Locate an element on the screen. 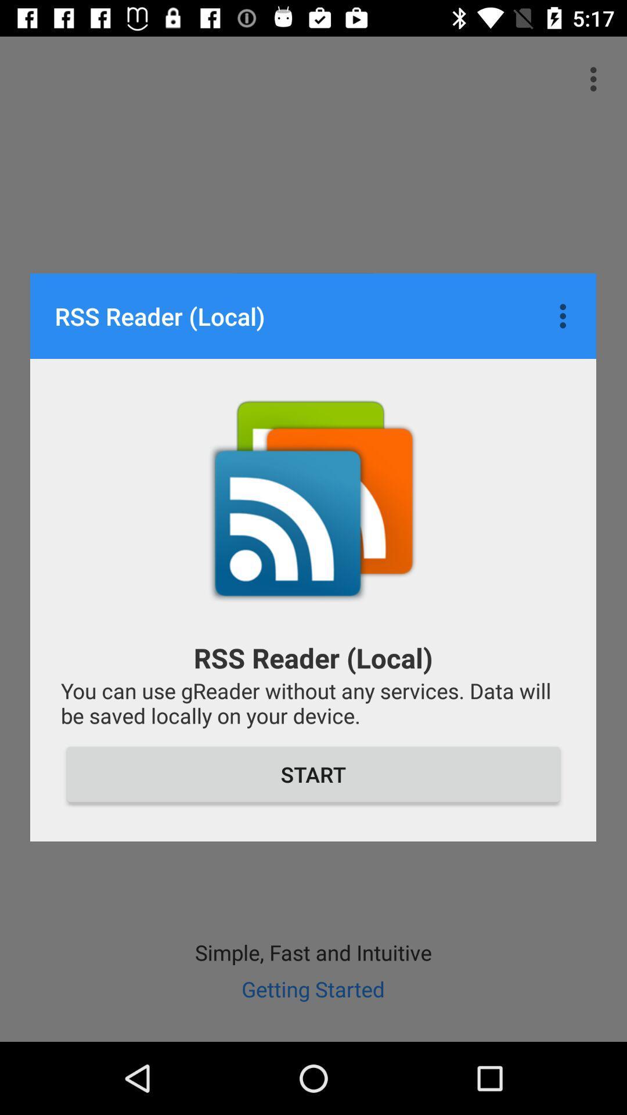 This screenshot has height=1115, width=627. the item at the top right corner is located at coordinates (565, 316).